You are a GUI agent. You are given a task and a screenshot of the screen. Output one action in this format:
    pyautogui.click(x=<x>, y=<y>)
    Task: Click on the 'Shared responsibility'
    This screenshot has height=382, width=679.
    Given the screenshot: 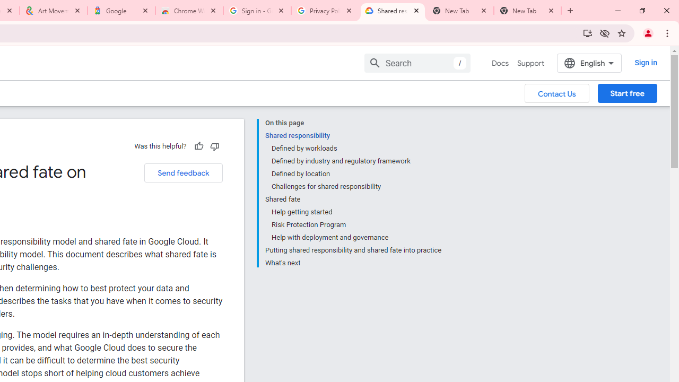 What is the action you would take?
    pyautogui.click(x=353, y=135)
    